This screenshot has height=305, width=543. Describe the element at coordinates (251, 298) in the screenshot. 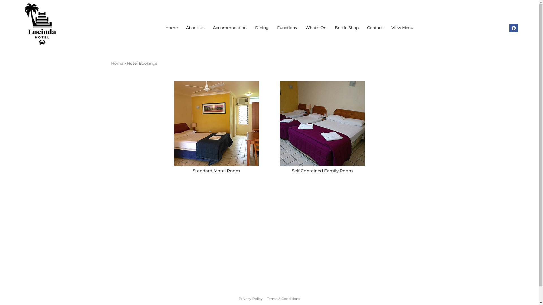

I see `'Privacy Policy'` at that location.